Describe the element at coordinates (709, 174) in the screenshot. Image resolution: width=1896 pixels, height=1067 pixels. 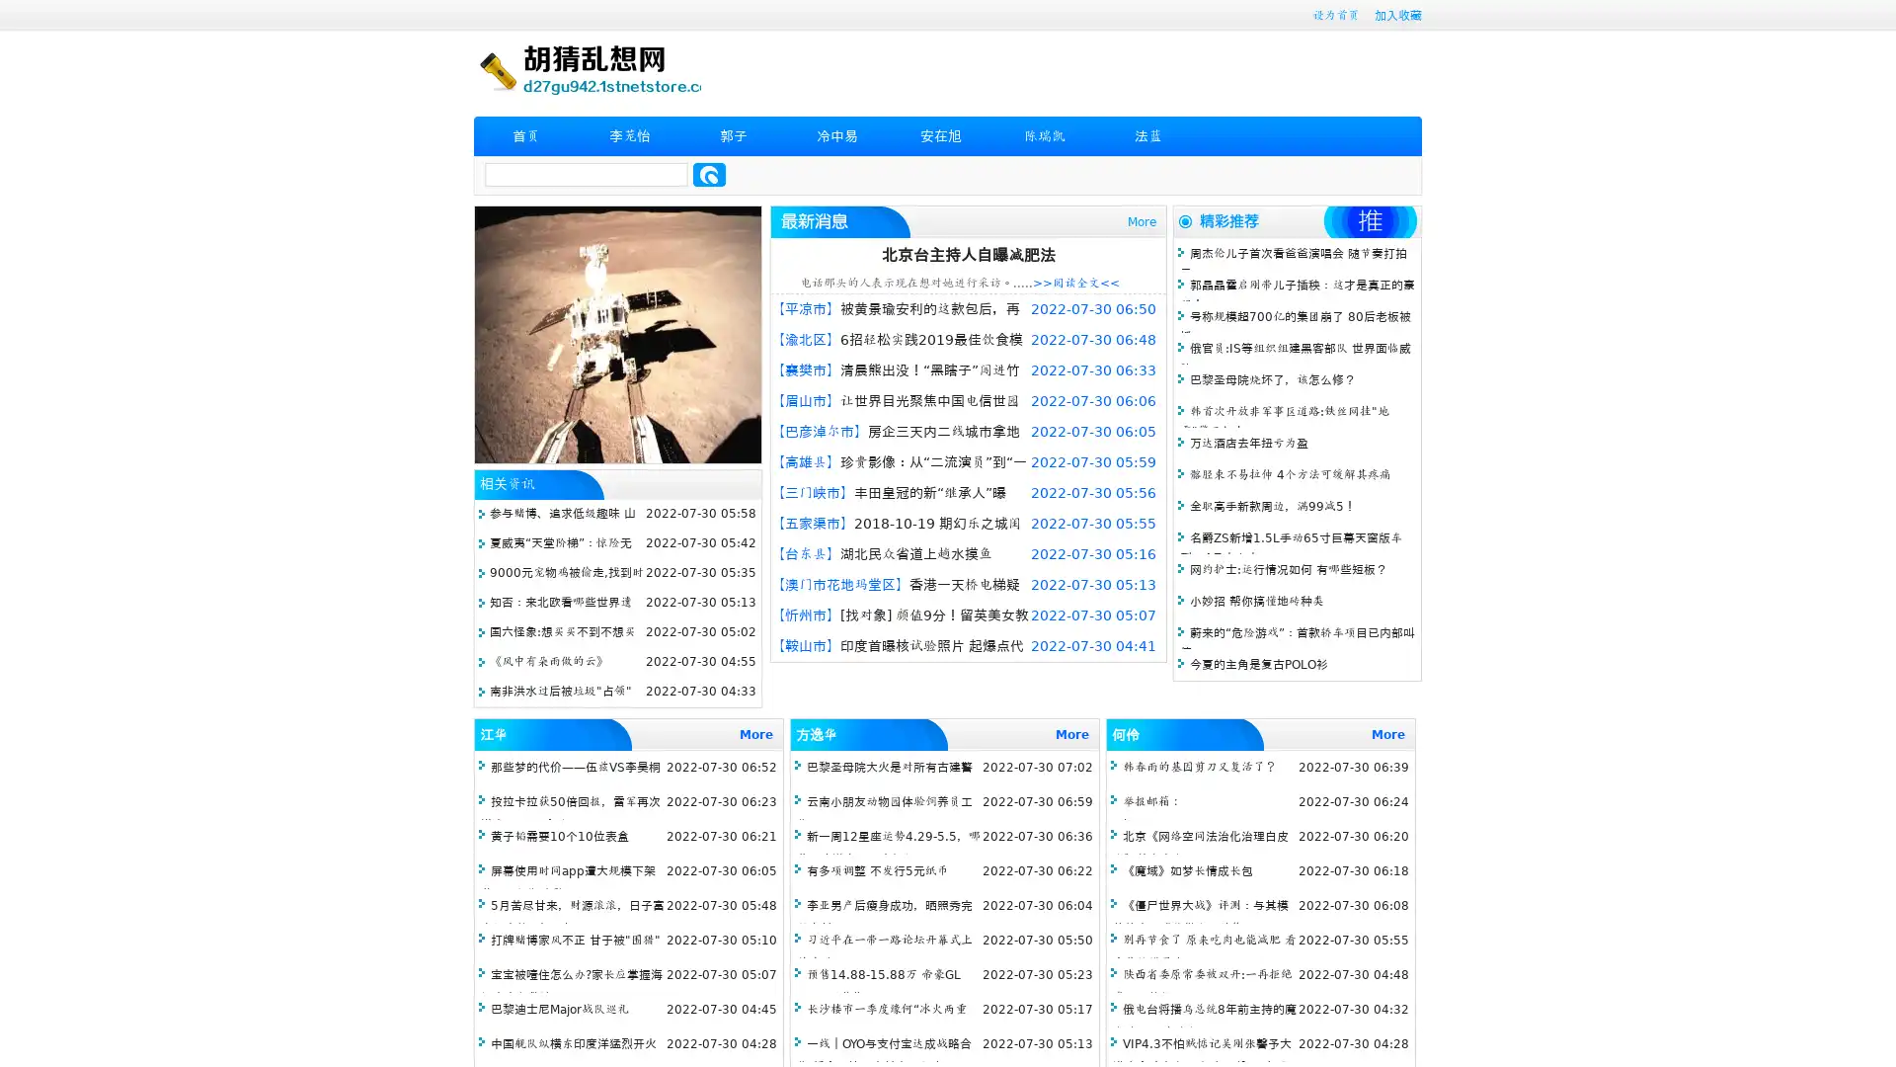
I see `Search` at that location.